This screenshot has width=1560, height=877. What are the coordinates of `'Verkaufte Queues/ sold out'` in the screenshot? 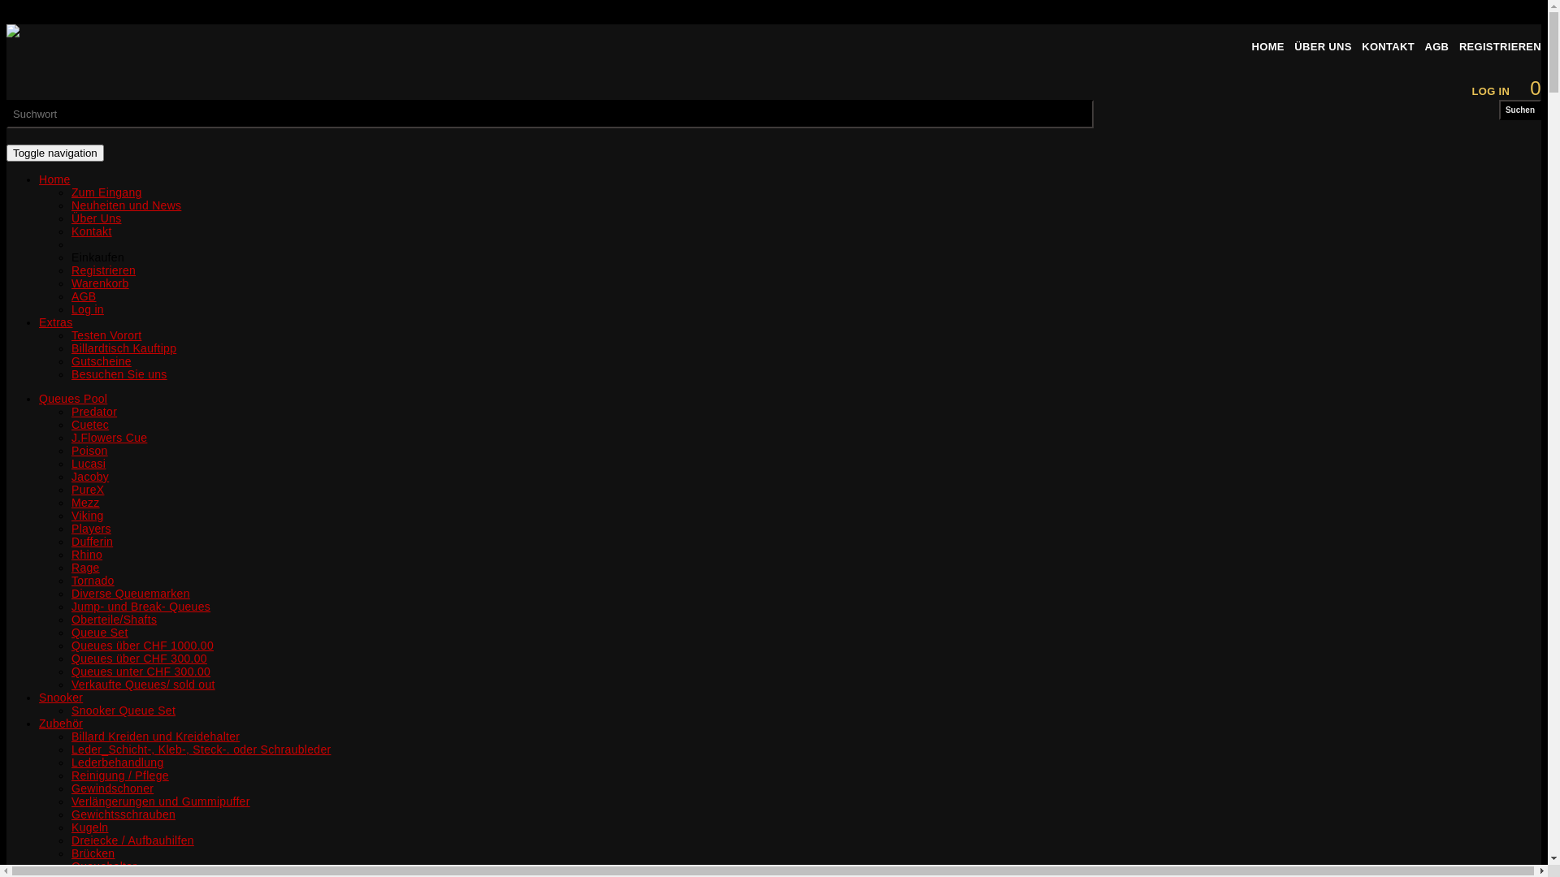 It's located at (143, 685).